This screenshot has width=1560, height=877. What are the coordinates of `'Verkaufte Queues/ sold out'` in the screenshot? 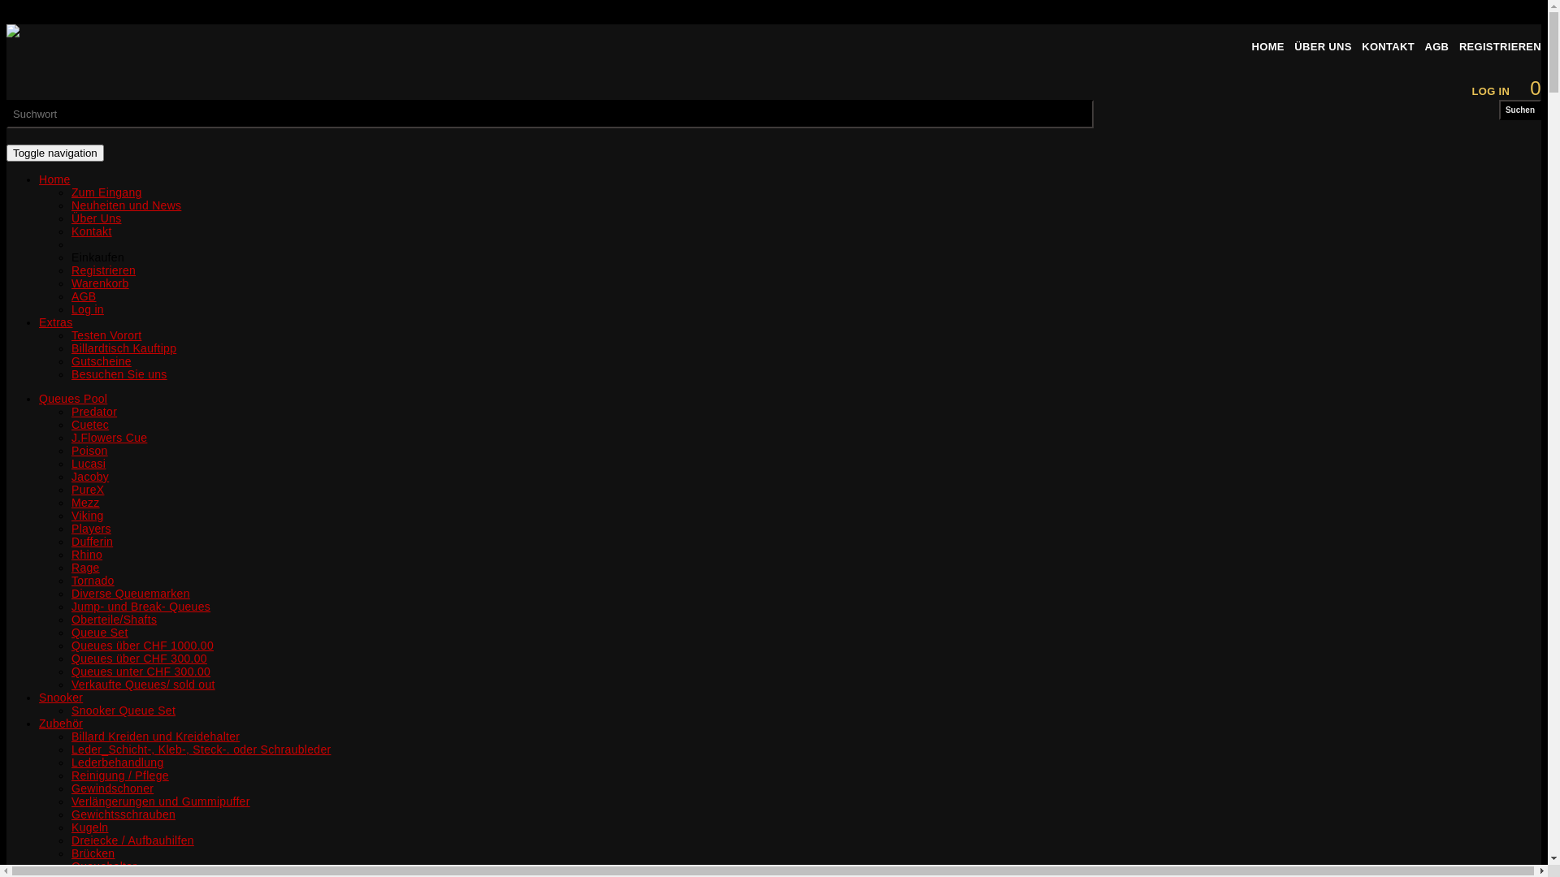 It's located at (143, 685).